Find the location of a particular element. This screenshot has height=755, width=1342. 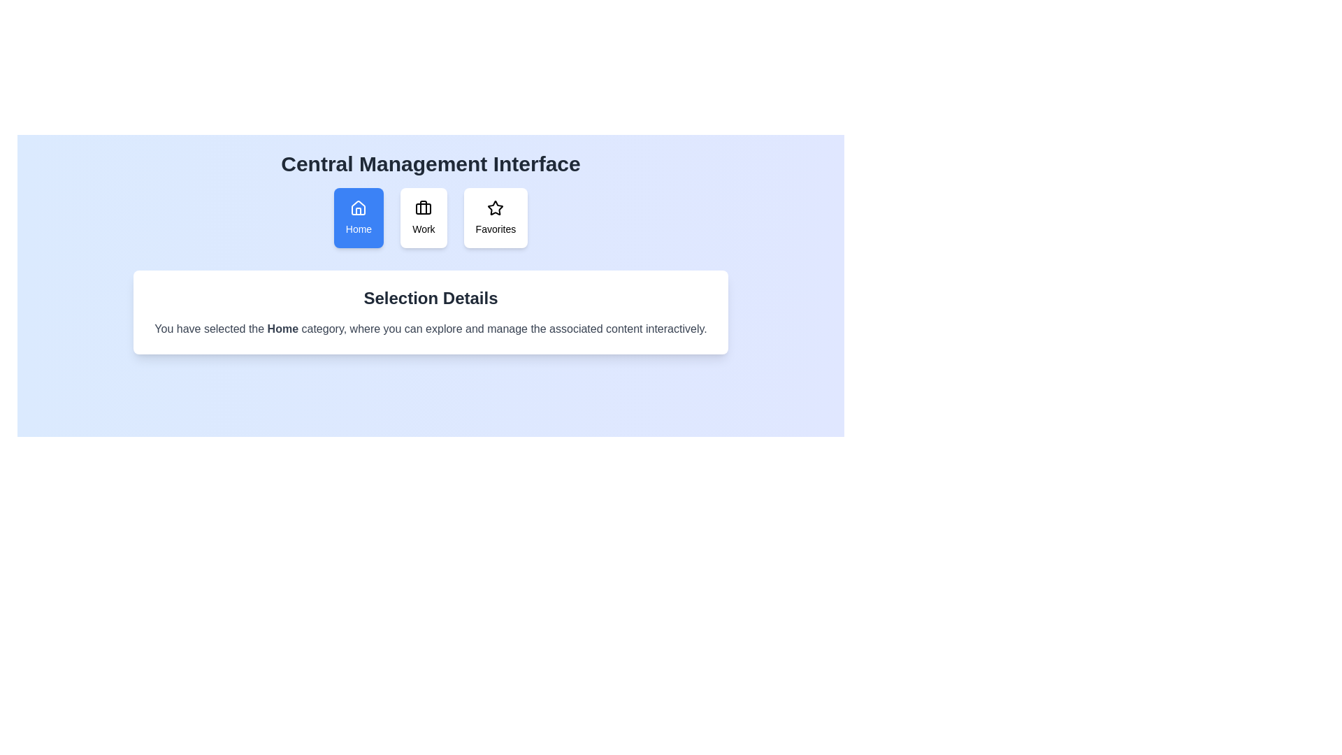

the 'Home' button which contains the house icon, located in the first row of the interface to the left of 'Work' and 'Favorites' buttons is located at coordinates (359, 208).